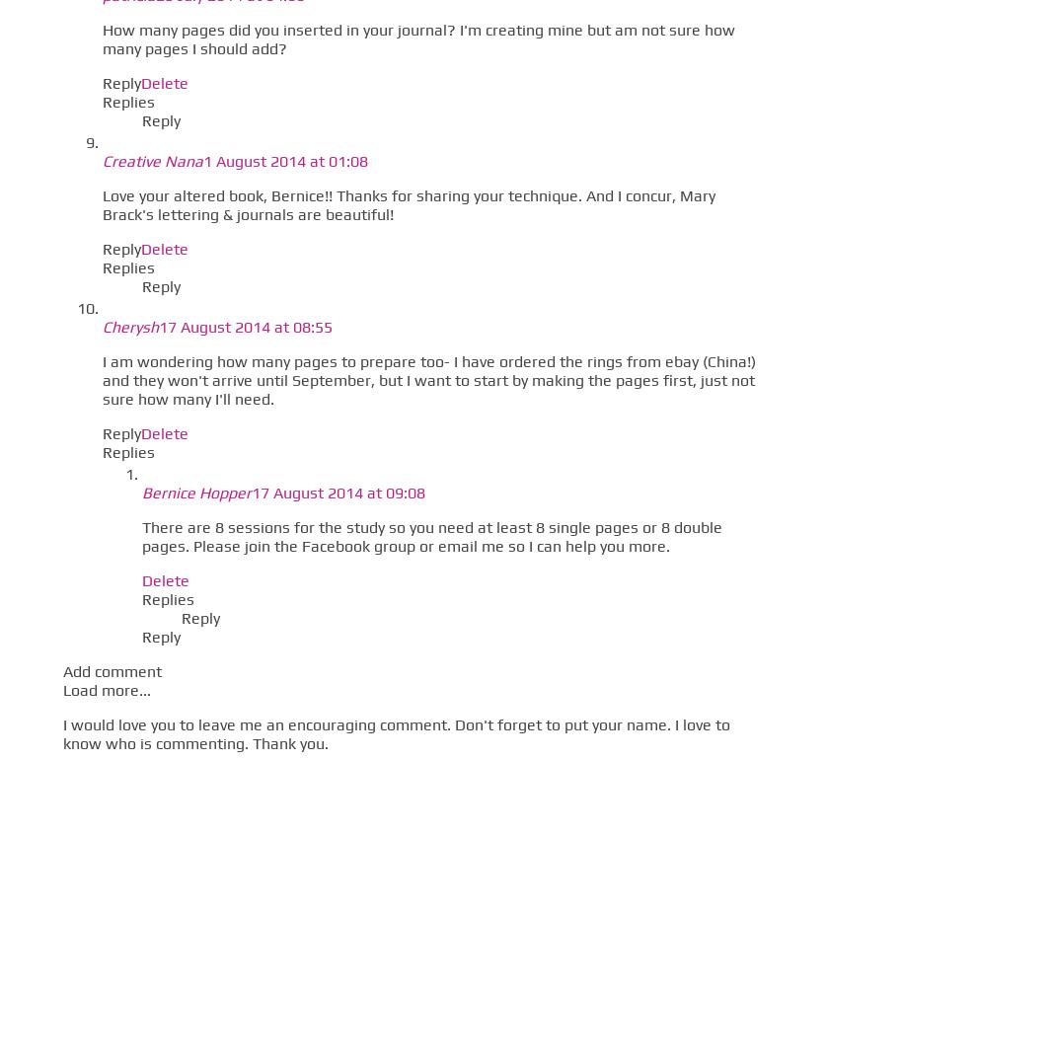  I want to click on 'I am wondering how many pages to prepare too- I have ordered the rings from ebay (China!) and they won't arrive until September, but I want to start by making the pages first, just not sure how many I'll need.', so click(102, 379).